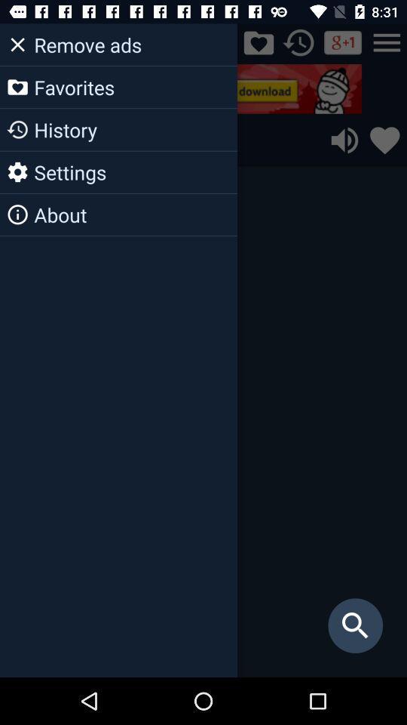  What do you see at coordinates (298, 42) in the screenshot?
I see `the history icon` at bounding box center [298, 42].